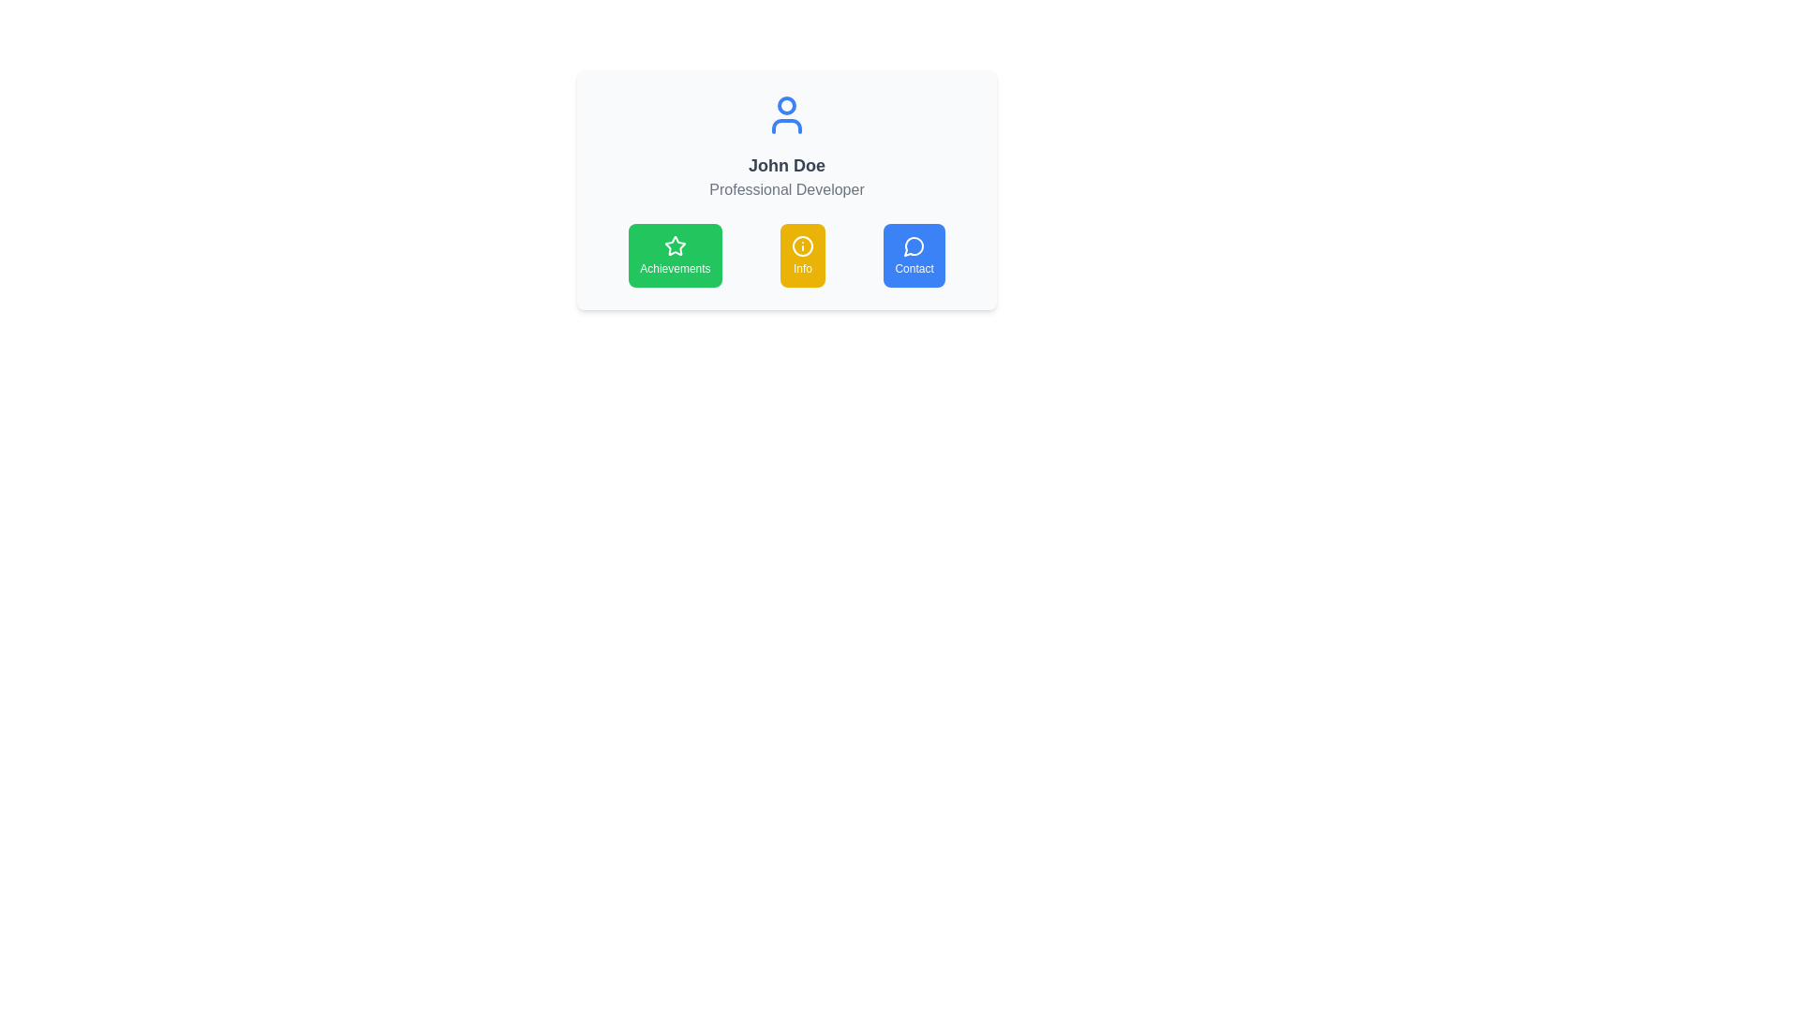 The width and height of the screenshot is (1799, 1012). I want to click on the text label that reads 'Professional Developer', which is styled in light gray and positioned directly beneath the bold text label 'John Doe', so click(787, 190).